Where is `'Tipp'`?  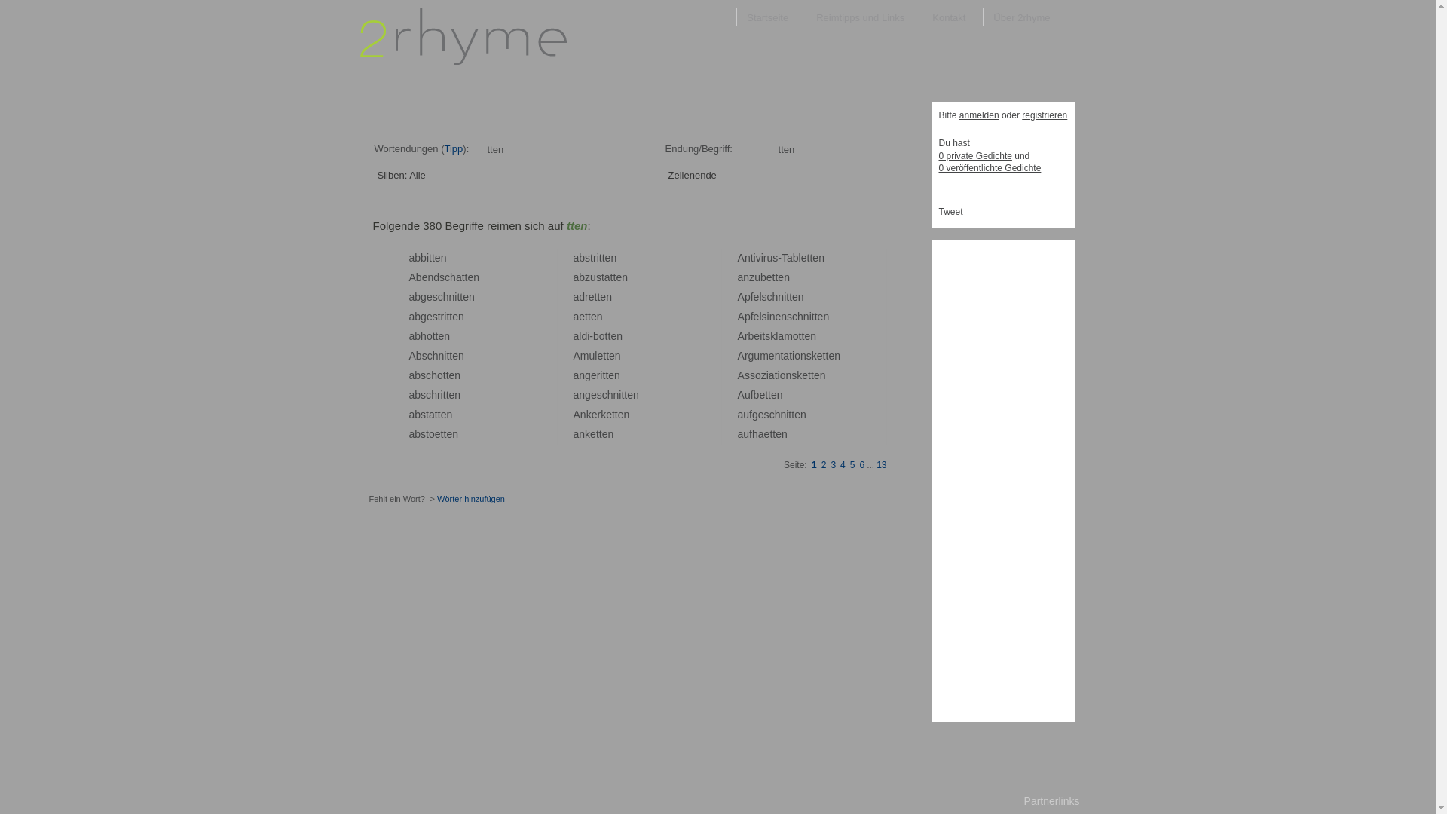
'Tipp' is located at coordinates (453, 148).